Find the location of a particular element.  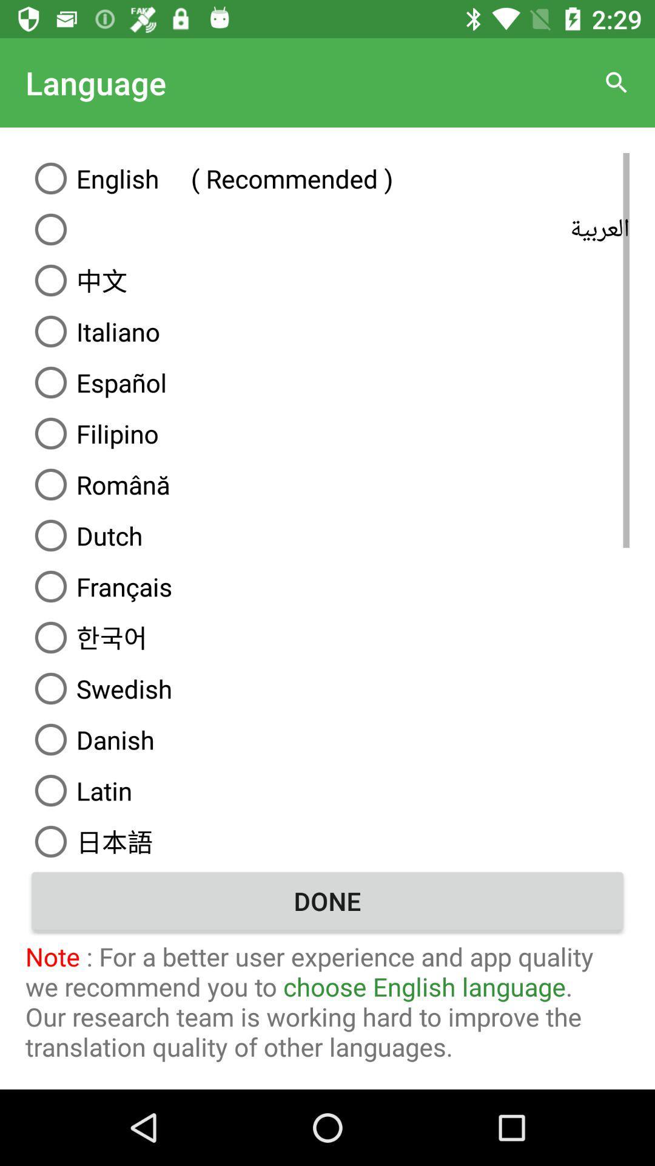

search is located at coordinates (617, 83).